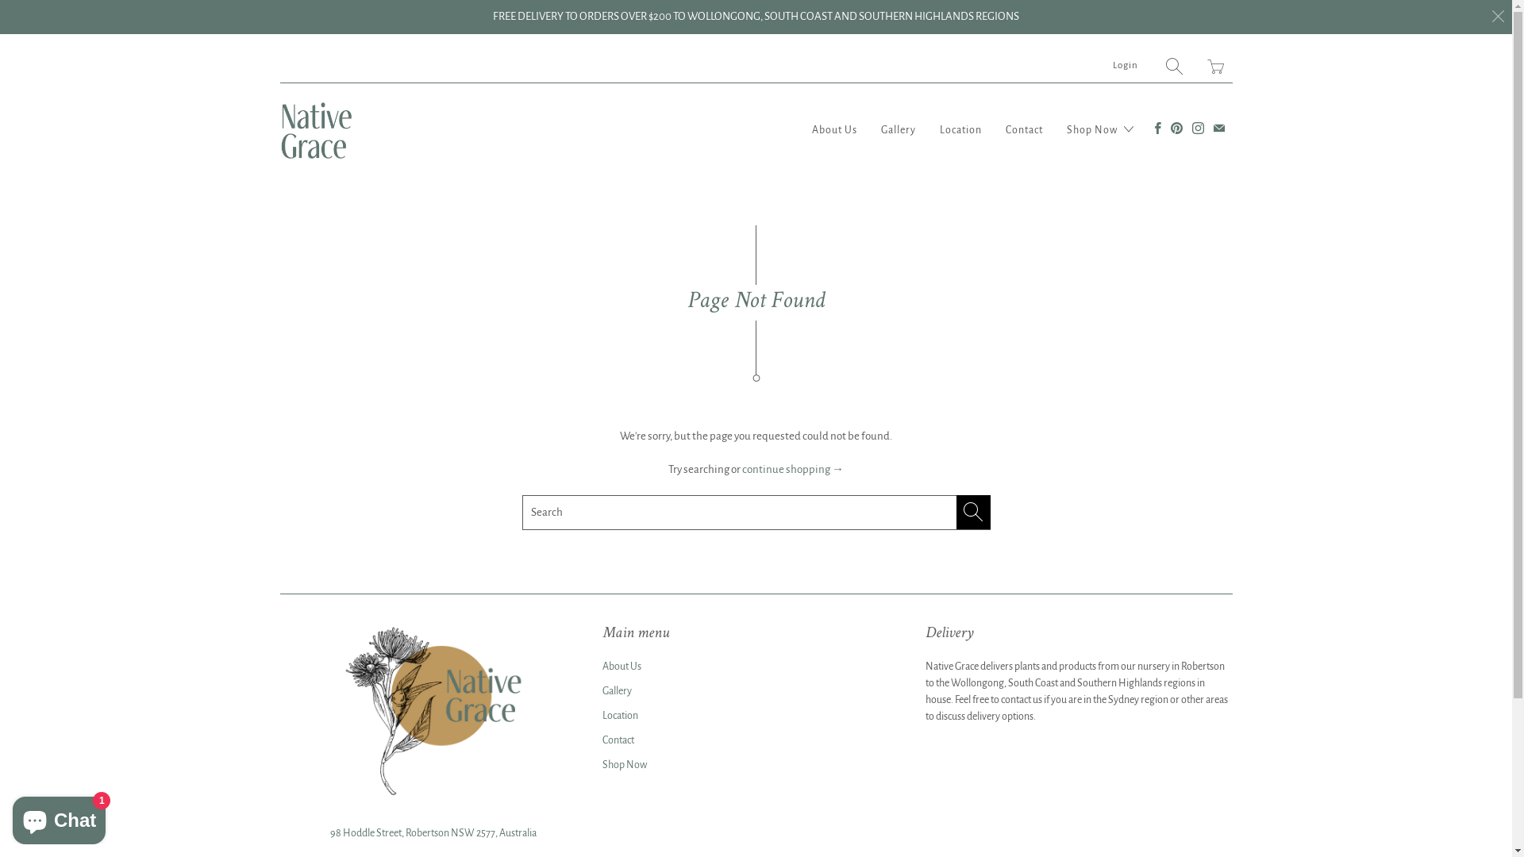  I want to click on '98 Hoddle Street, Robertson NSW 2577, Australia', so click(433, 832).